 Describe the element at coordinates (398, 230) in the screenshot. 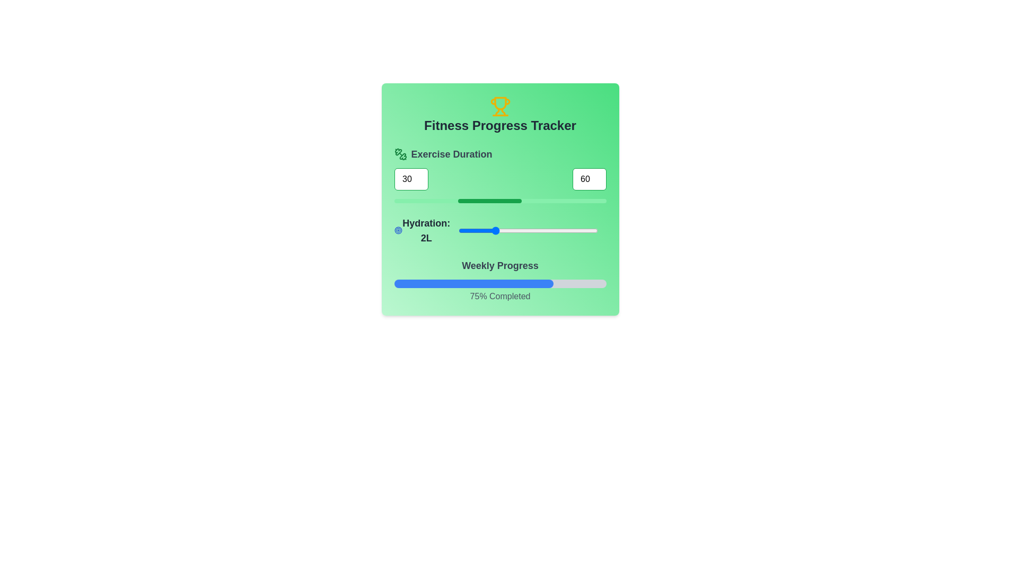

I see `the target icon representing the hydration tracker for user motivation via keyboard navigation` at that location.